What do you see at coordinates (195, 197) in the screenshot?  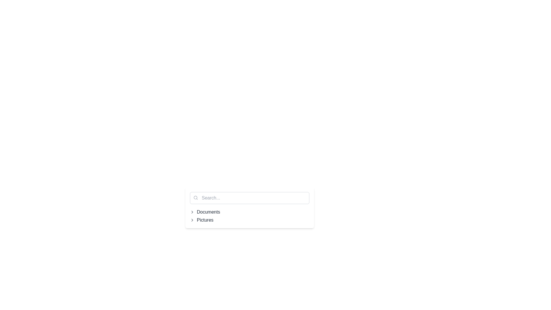 I see `small circular graphical component located on the left side of the search bar, which is part of an icon and has no markings or text` at bounding box center [195, 197].